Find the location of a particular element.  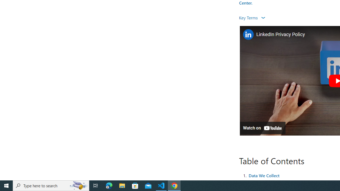

'Data We Collect' is located at coordinates (264, 175).